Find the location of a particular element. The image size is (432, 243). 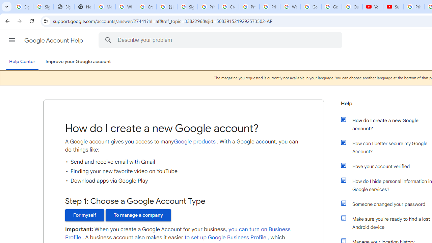

'to set up Google Business Profile' is located at coordinates (225, 237).